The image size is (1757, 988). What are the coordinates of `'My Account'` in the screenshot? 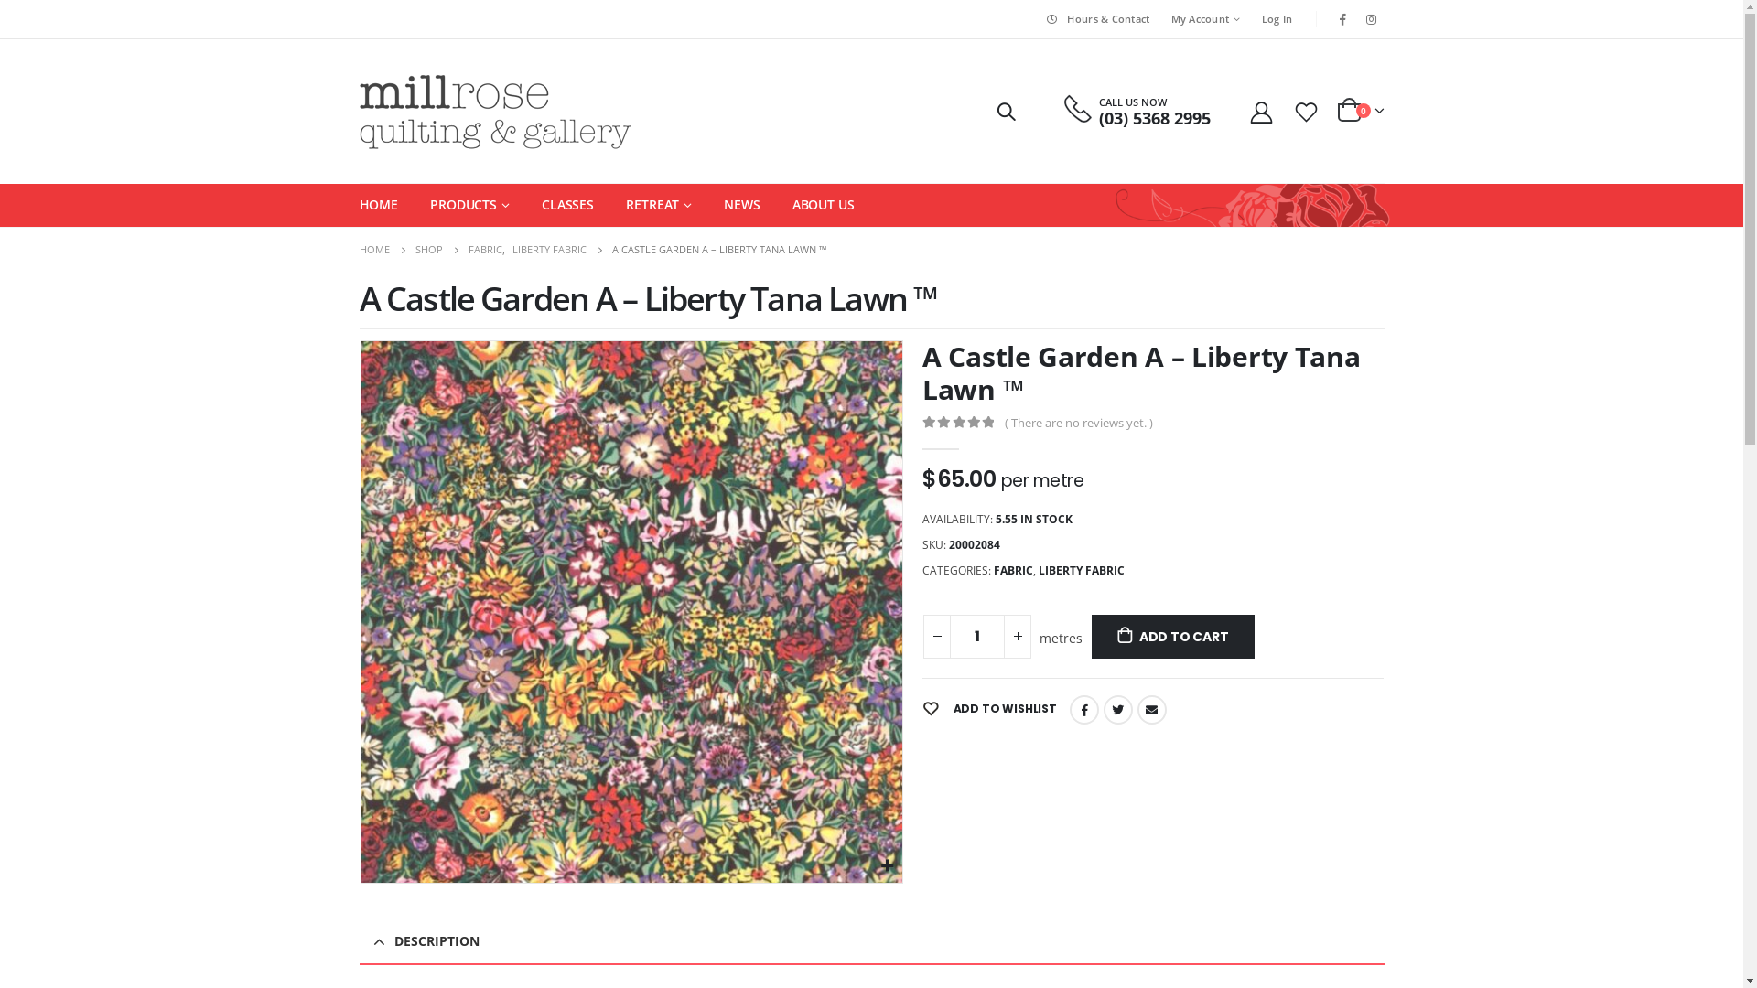 It's located at (1159, 18).